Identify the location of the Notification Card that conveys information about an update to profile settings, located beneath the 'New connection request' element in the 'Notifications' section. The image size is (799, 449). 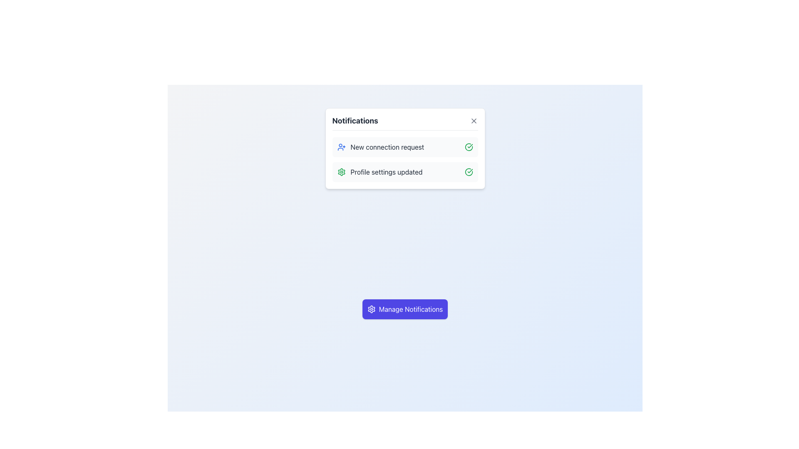
(405, 171).